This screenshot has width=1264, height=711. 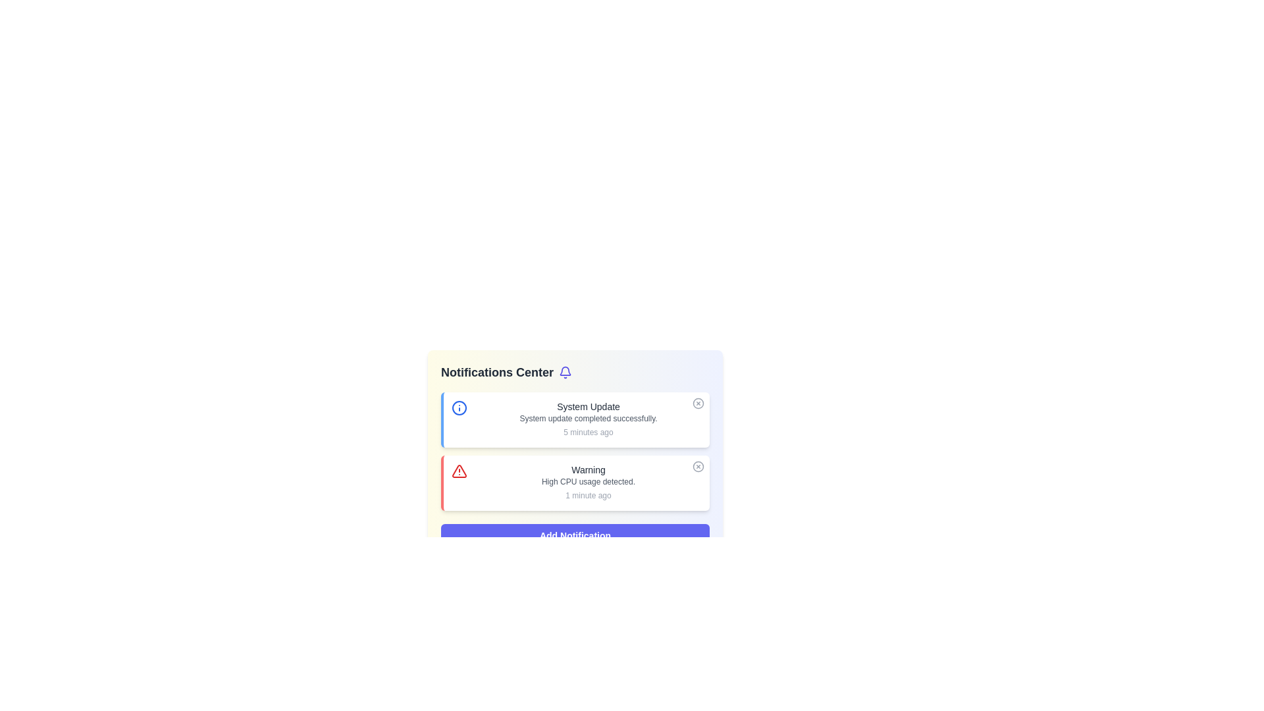 What do you see at coordinates (459, 408) in the screenshot?
I see `the circular icon boundary located in the notification card, which is aligned with the 'System Update' header text` at bounding box center [459, 408].